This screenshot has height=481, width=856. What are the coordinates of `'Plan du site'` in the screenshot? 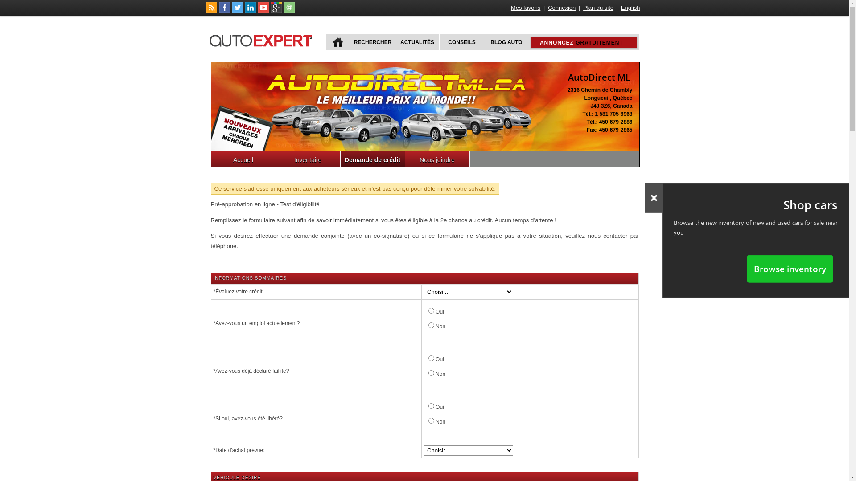 It's located at (598, 8).